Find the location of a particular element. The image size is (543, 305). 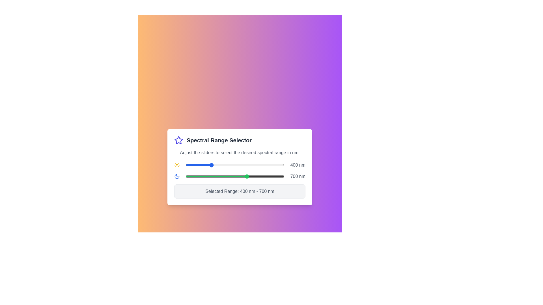

the end slider to set the upper limit of the spectral range to 884 nm is located at coordinates (270, 176).